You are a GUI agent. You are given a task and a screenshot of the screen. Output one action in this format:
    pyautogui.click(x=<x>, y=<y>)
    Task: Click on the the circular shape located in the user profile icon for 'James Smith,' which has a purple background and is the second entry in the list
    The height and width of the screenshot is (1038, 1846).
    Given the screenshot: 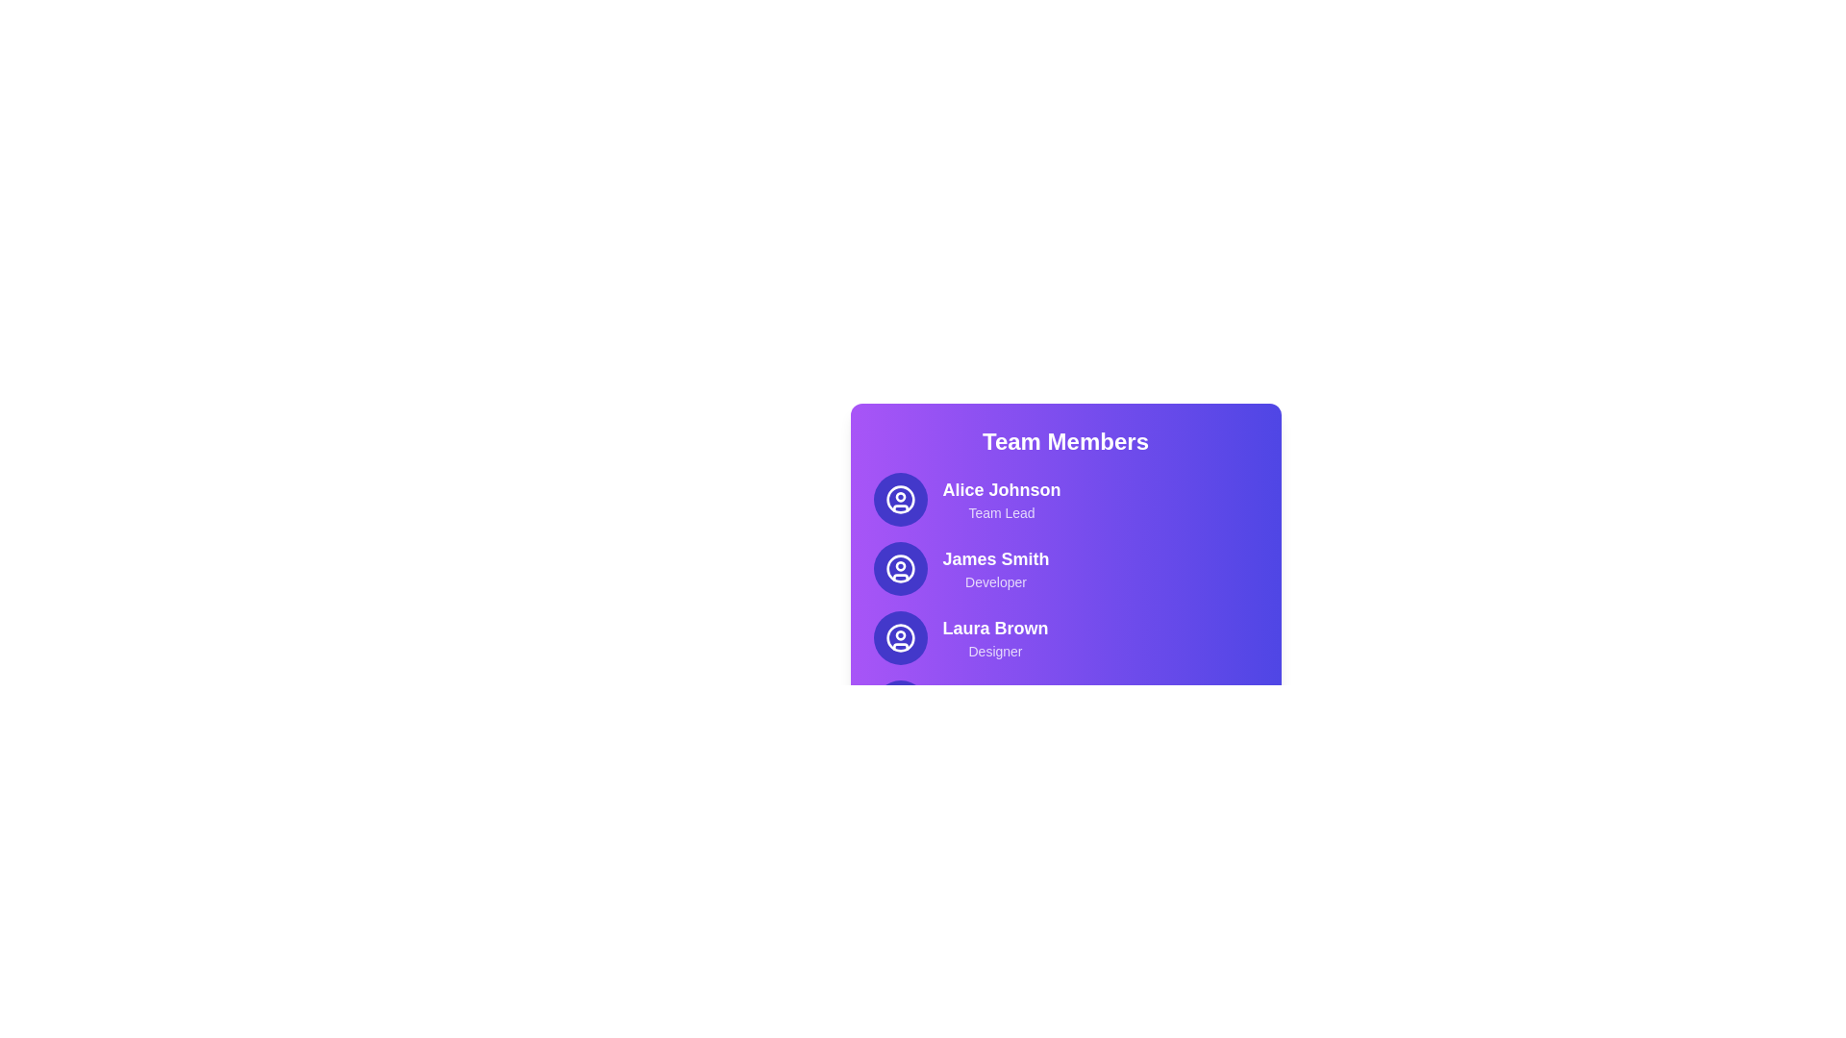 What is the action you would take?
    pyautogui.click(x=899, y=567)
    